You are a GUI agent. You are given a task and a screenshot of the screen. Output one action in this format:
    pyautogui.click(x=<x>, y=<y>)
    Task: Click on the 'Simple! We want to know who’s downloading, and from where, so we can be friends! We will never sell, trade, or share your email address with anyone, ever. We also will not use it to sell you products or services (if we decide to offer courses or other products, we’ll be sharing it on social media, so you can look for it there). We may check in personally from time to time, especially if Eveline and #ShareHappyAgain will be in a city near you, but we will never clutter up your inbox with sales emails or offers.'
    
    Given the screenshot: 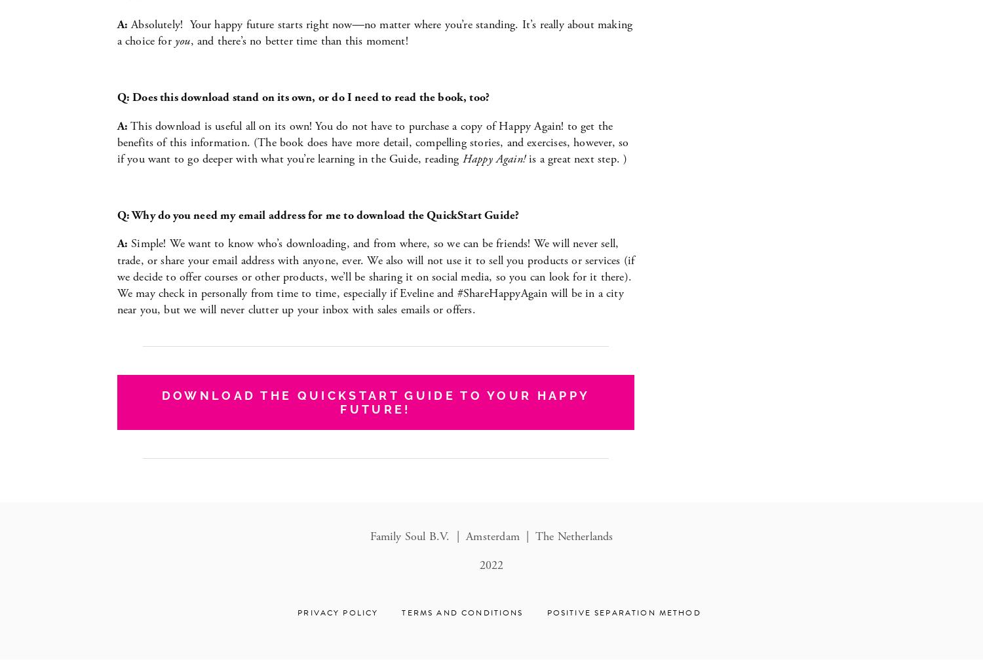 What is the action you would take?
    pyautogui.click(x=376, y=276)
    